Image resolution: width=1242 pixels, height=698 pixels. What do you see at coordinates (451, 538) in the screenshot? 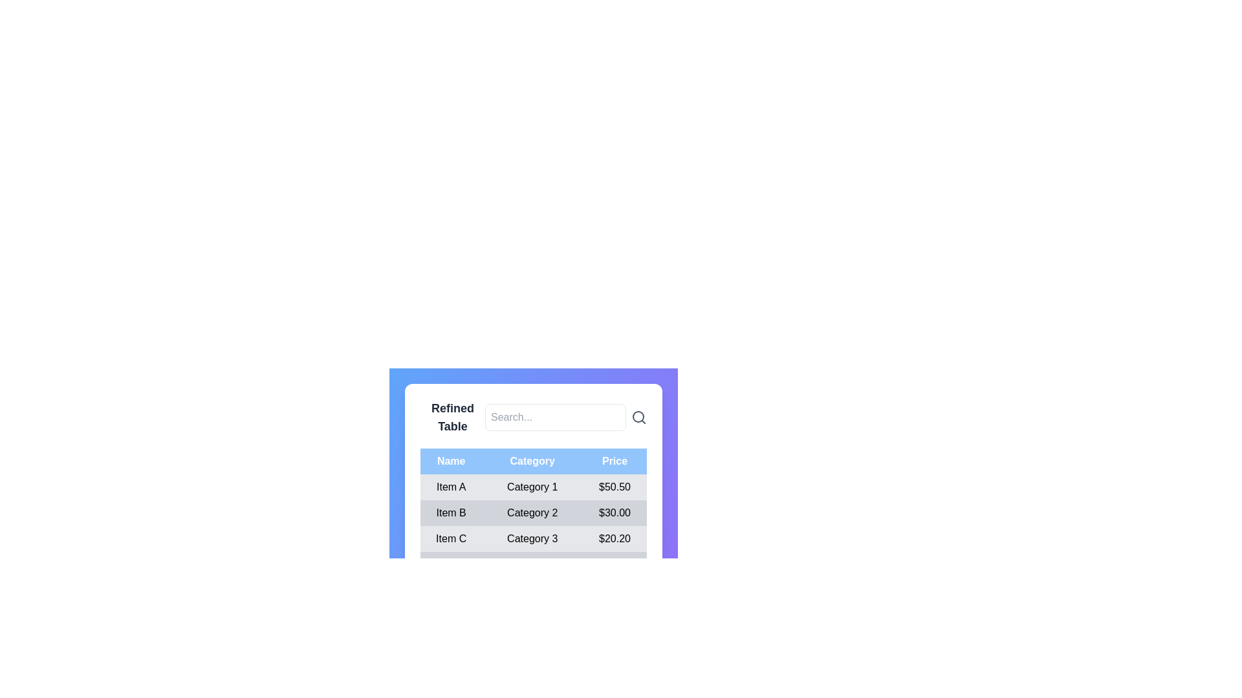
I see `the table cell containing the name 'Item C' located in the first column of the third row of the table` at bounding box center [451, 538].